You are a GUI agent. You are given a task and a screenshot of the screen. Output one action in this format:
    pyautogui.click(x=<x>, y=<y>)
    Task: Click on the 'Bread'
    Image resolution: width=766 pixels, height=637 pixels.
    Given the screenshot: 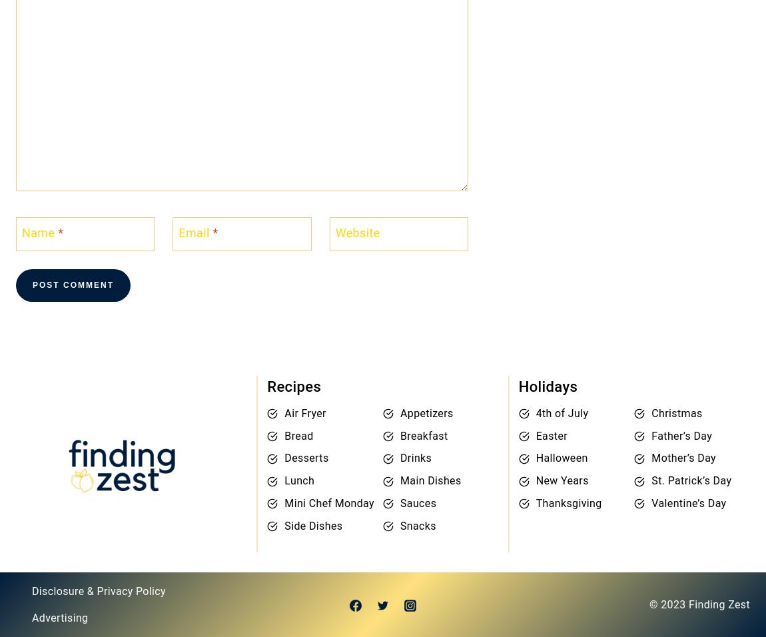 What is the action you would take?
    pyautogui.click(x=298, y=435)
    